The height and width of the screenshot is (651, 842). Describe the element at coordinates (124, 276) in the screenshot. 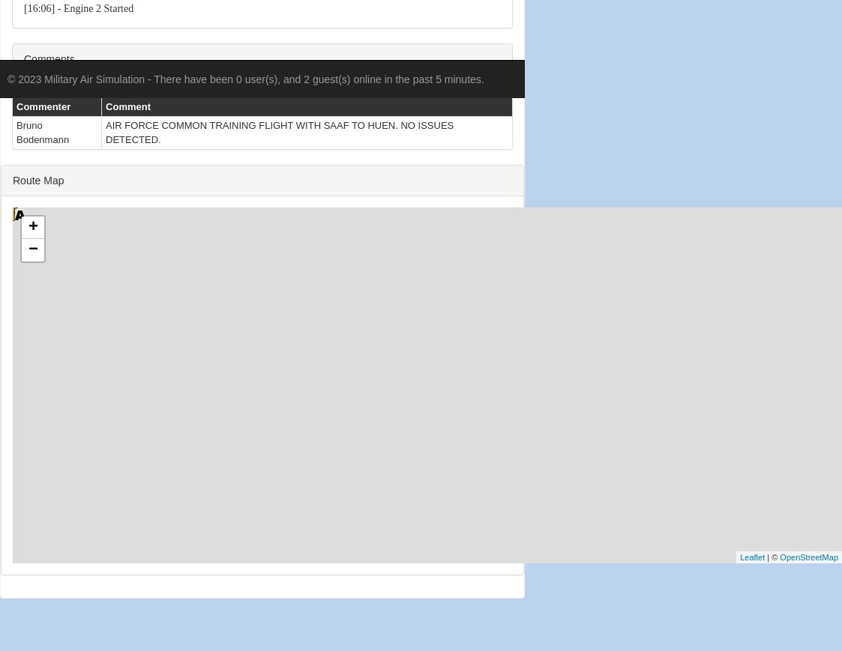

I see `'[16:08] - Taking Off with 0 passengers on board'` at that location.